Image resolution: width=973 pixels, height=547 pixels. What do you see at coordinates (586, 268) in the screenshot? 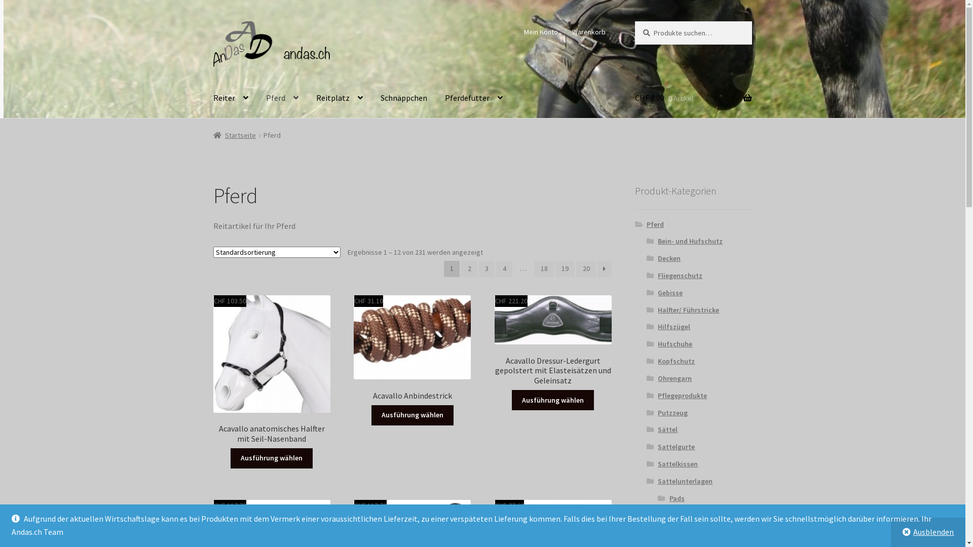
I see `'20'` at bounding box center [586, 268].